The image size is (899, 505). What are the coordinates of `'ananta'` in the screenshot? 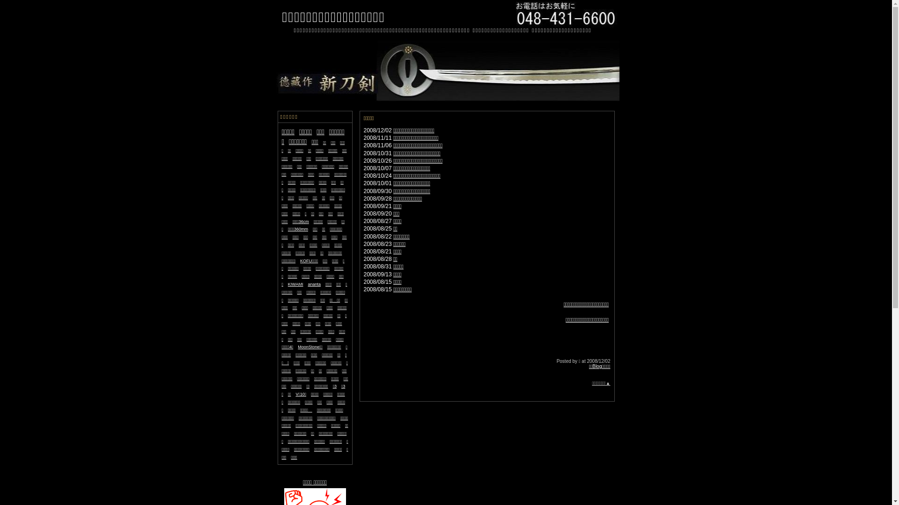 It's located at (315, 283).